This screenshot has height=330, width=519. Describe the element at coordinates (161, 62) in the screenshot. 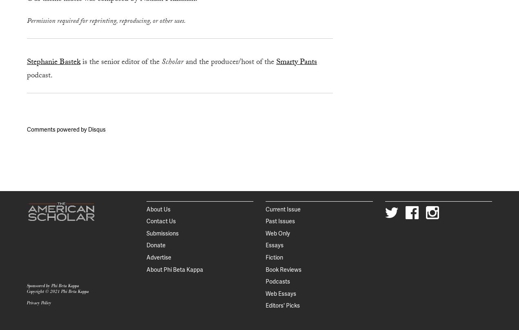

I see `'Scholar'` at that location.